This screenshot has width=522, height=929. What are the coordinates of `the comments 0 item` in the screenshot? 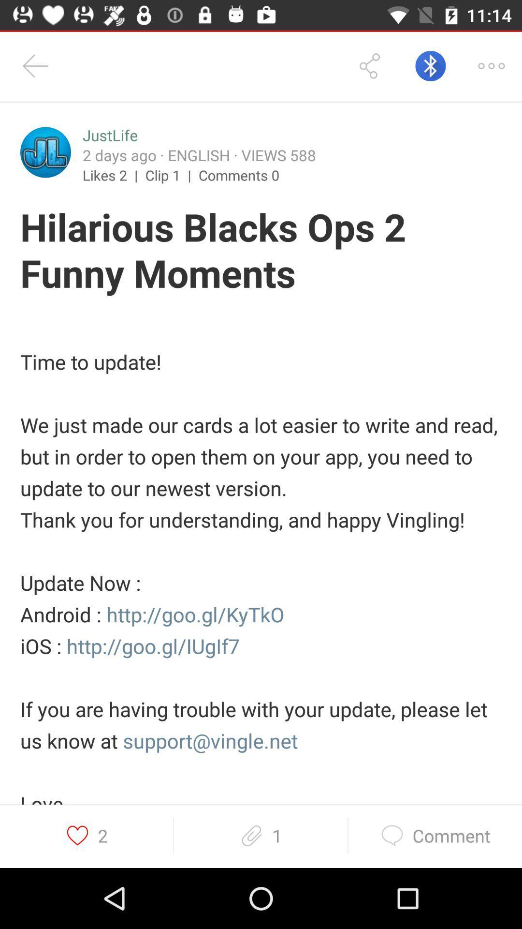 It's located at (239, 175).